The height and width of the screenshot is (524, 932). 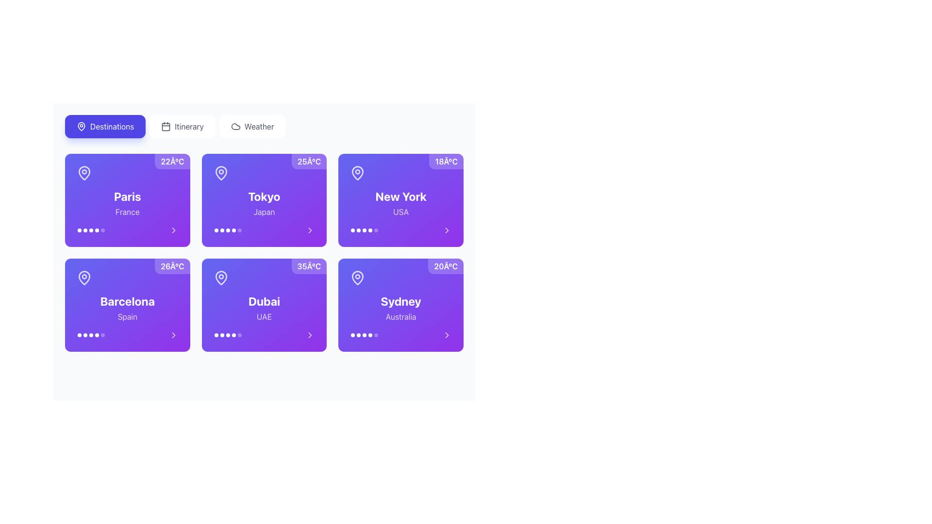 What do you see at coordinates (173, 334) in the screenshot?
I see `the rightward-pointing chevron icon located in the lower-right corner of the purple card labeled 'Barcelona, Spain'` at bounding box center [173, 334].